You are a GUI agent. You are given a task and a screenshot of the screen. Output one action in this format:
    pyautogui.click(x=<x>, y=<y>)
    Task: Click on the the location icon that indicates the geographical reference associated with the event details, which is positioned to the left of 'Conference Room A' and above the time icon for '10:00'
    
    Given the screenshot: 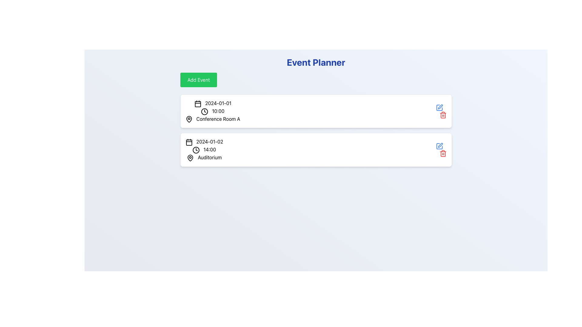 What is the action you would take?
    pyautogui.click(x=189, y=119)
    